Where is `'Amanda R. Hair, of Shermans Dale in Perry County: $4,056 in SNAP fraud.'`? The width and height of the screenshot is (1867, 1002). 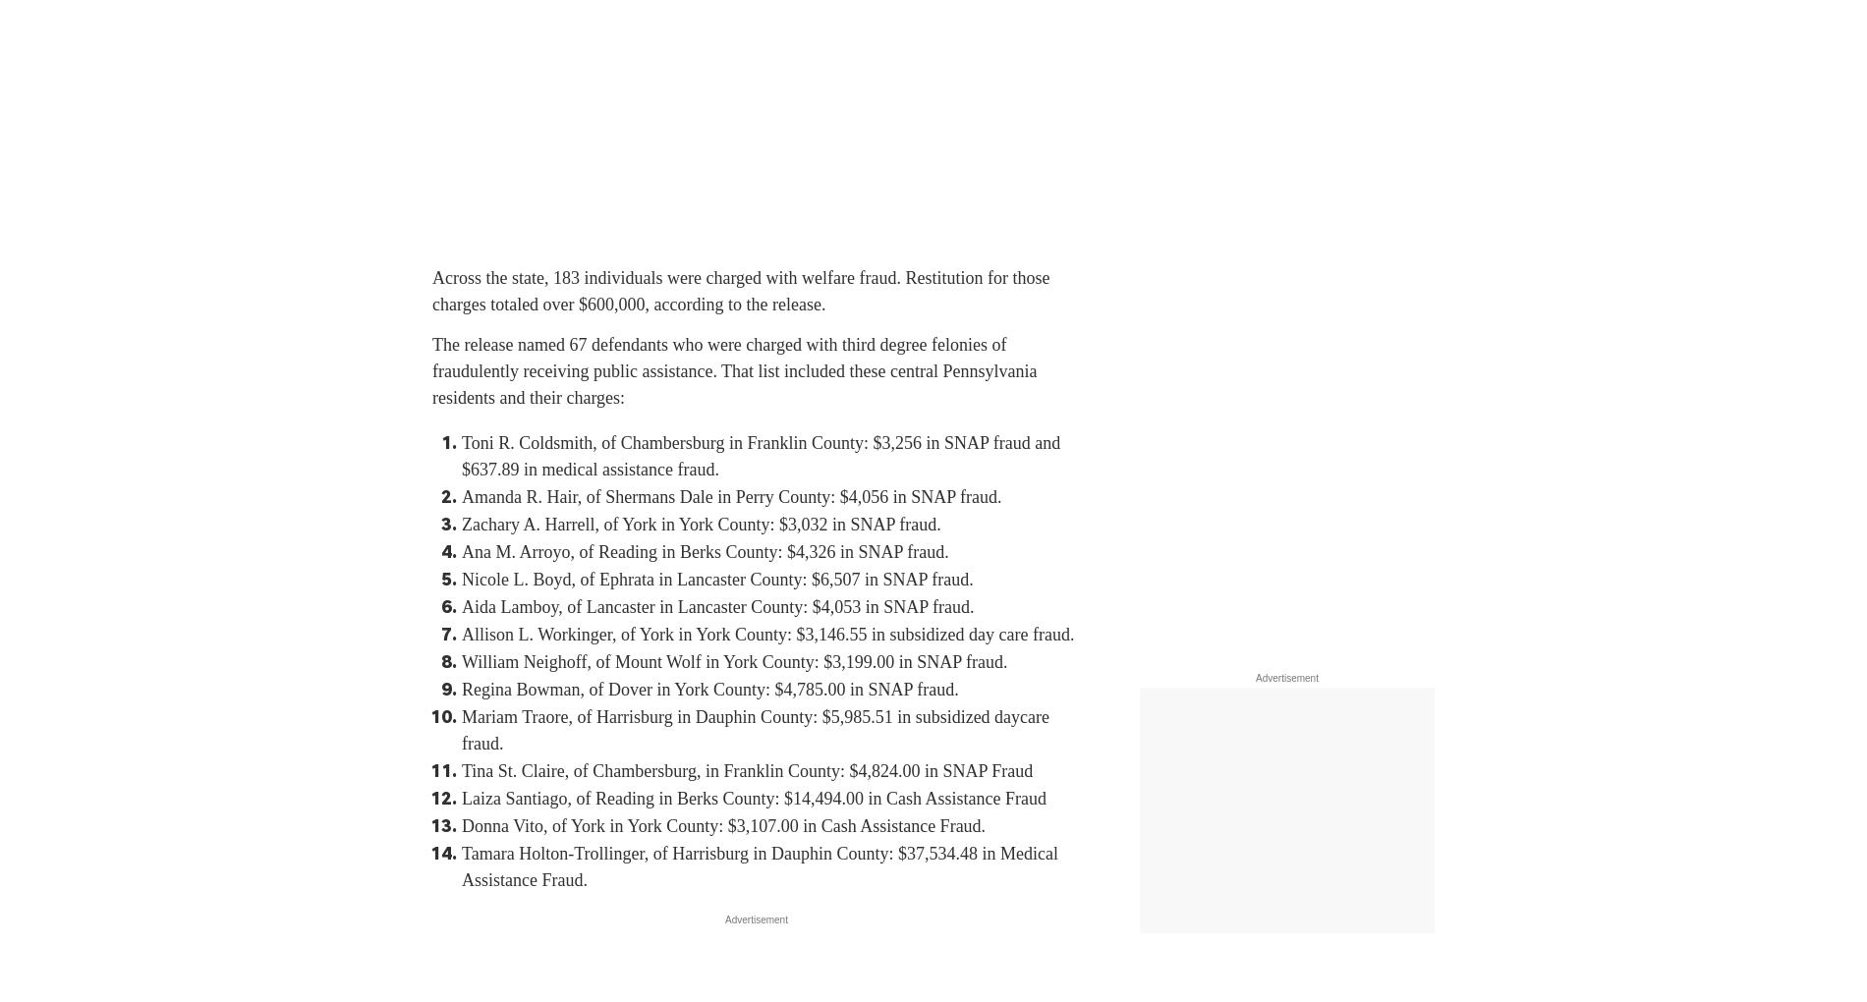
'Amanda R. Hair, of Shermans Dale in Perry County: $4,056 in SNAP fraud.' is located at coordinates (730, 497).